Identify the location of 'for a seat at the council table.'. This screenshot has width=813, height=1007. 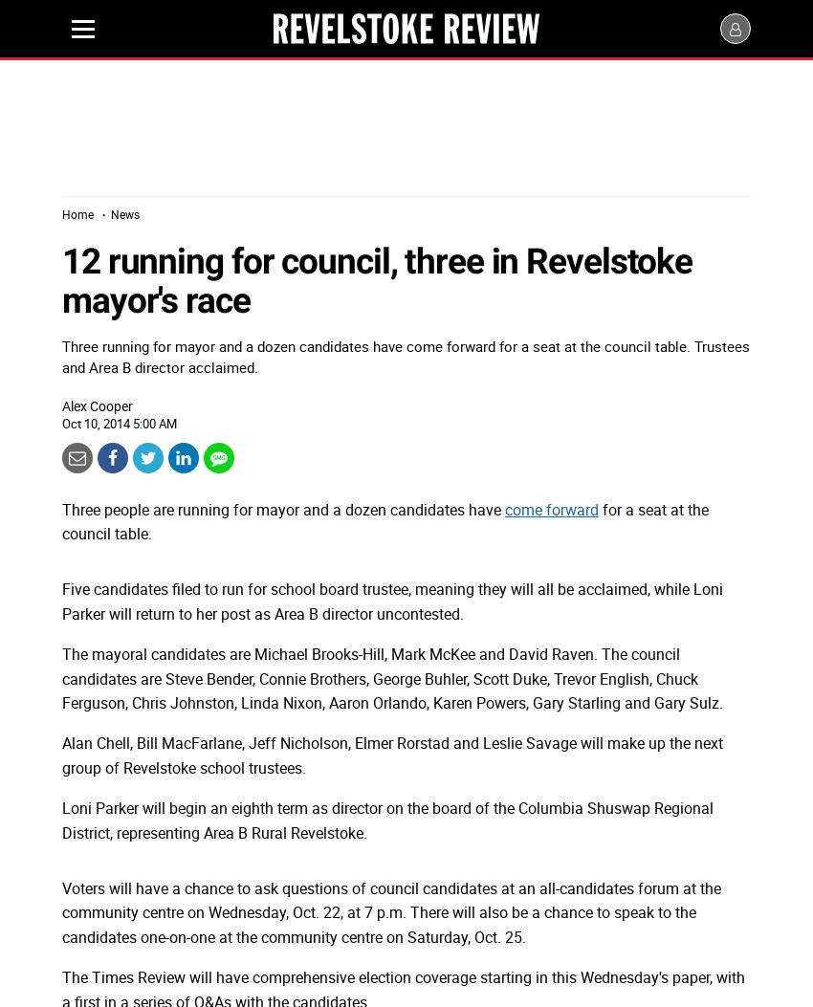
(62, 520).